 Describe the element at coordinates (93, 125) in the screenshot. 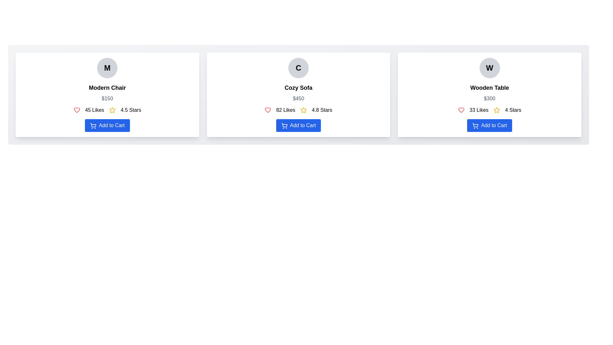

I see `the blue shopping cart icon located above the 'Add to Cart' button in the 'Modern Chair' card` at that location.